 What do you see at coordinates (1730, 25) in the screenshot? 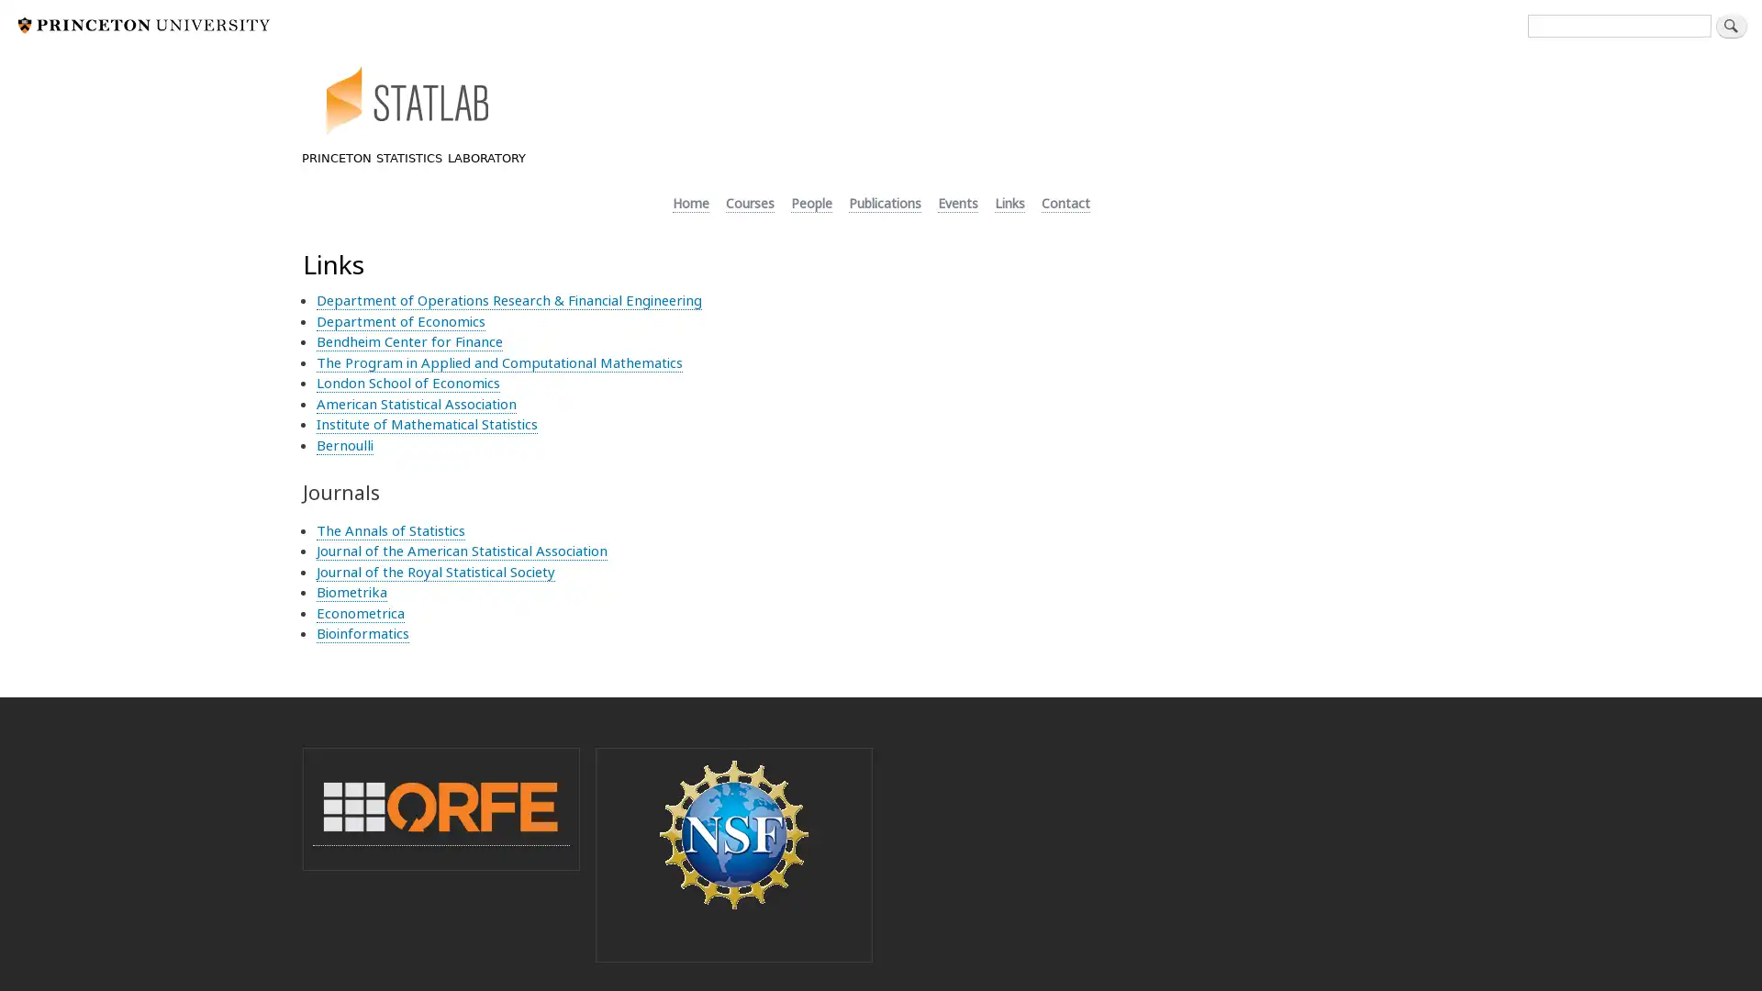
I see `Search` at bounding box center [1730, 25].